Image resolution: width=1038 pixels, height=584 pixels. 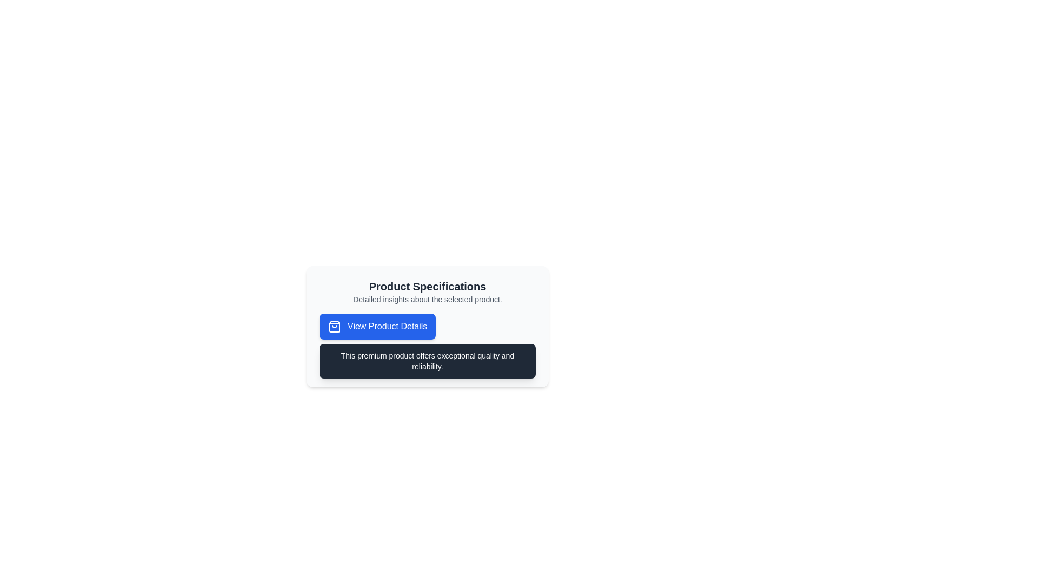 I want to click on the Text Label that provides descriptive or promotional information about a product, located underneath the 'View Product Details' button in a dark background box, so click(x=427, y=361).